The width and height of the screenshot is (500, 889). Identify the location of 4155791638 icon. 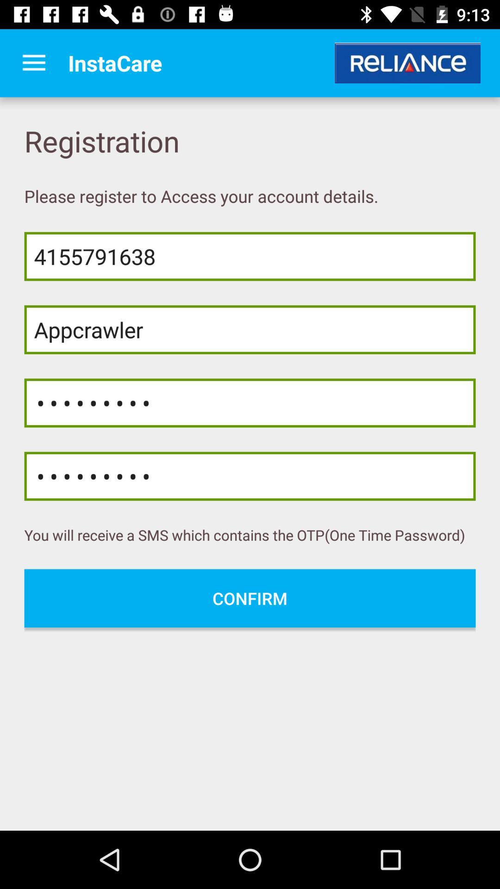
(250, 256).